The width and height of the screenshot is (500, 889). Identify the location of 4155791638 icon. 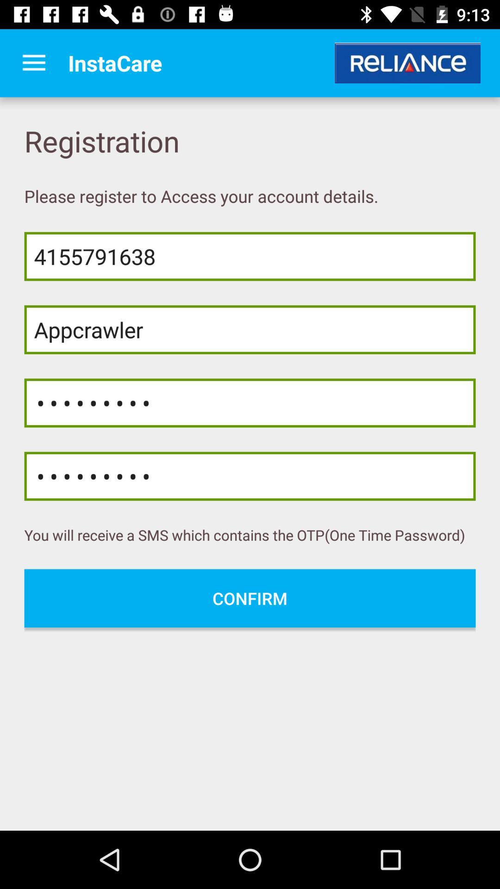
(250, 256).